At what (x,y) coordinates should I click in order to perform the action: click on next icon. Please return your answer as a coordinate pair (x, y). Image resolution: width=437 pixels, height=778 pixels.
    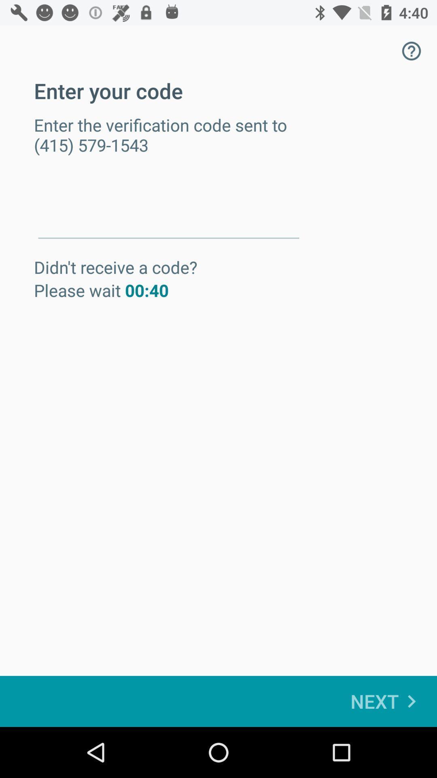
    Looking at the image, I should click on (387, 701).